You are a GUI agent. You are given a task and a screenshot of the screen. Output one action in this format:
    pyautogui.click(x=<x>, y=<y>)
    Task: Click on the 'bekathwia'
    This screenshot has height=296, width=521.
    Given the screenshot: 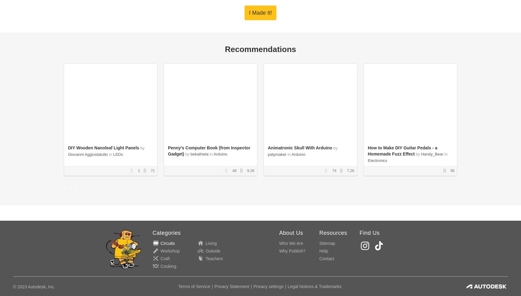 What is the action you would take?
    pyautogui.click(x=199, y=154)
    